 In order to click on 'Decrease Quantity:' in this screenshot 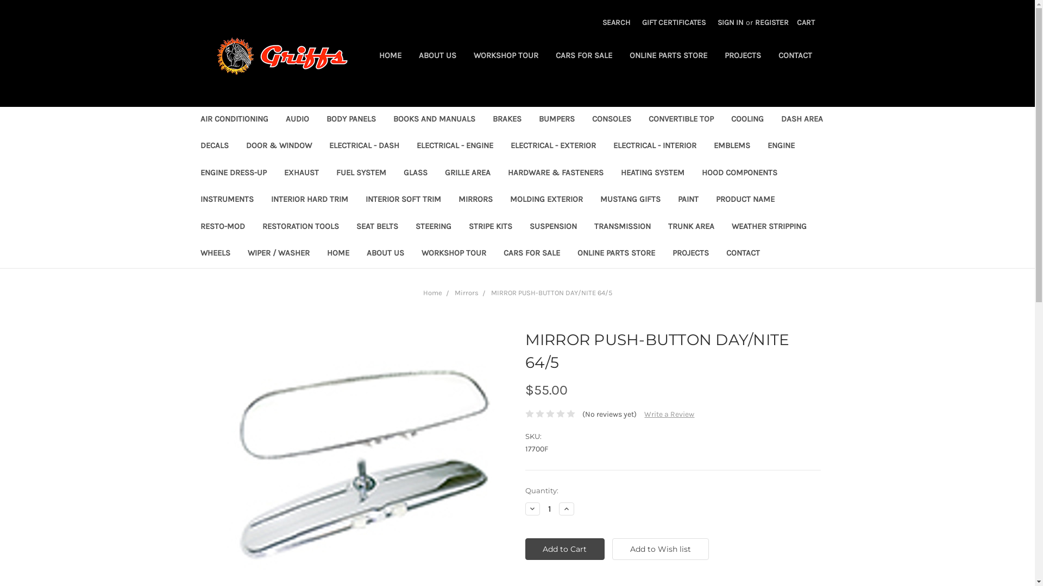, I will do `click(532, 508)`.